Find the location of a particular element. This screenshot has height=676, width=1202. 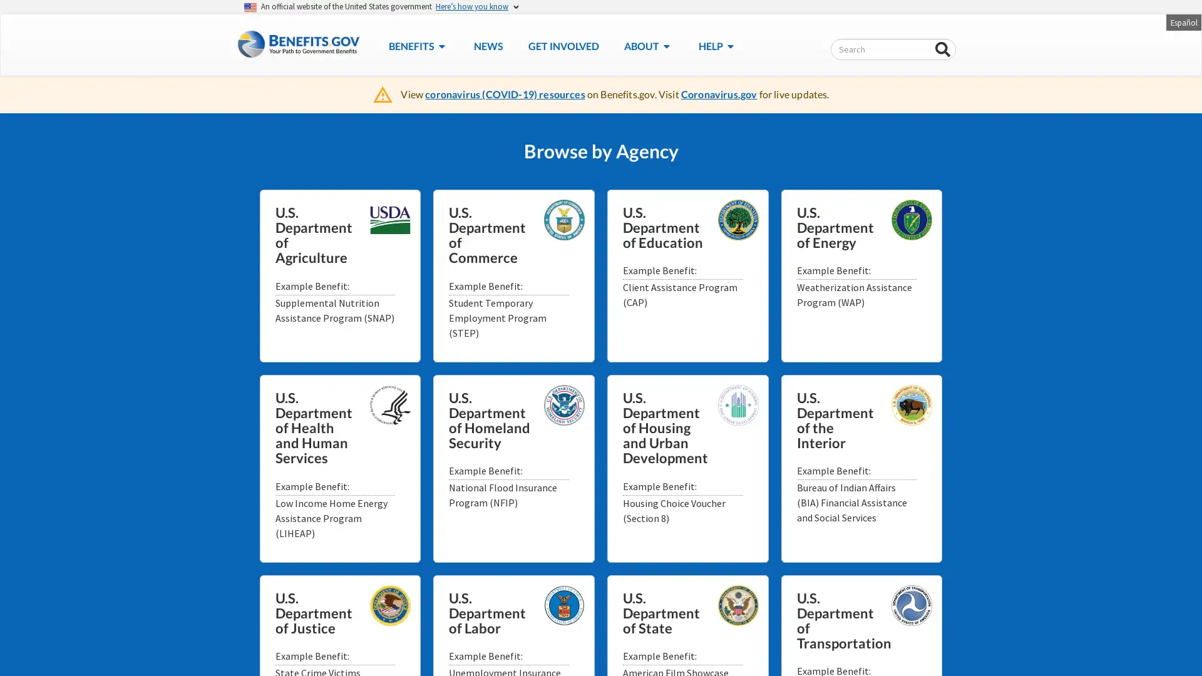

GET INVOLVED is located at coordinates (562, 45).